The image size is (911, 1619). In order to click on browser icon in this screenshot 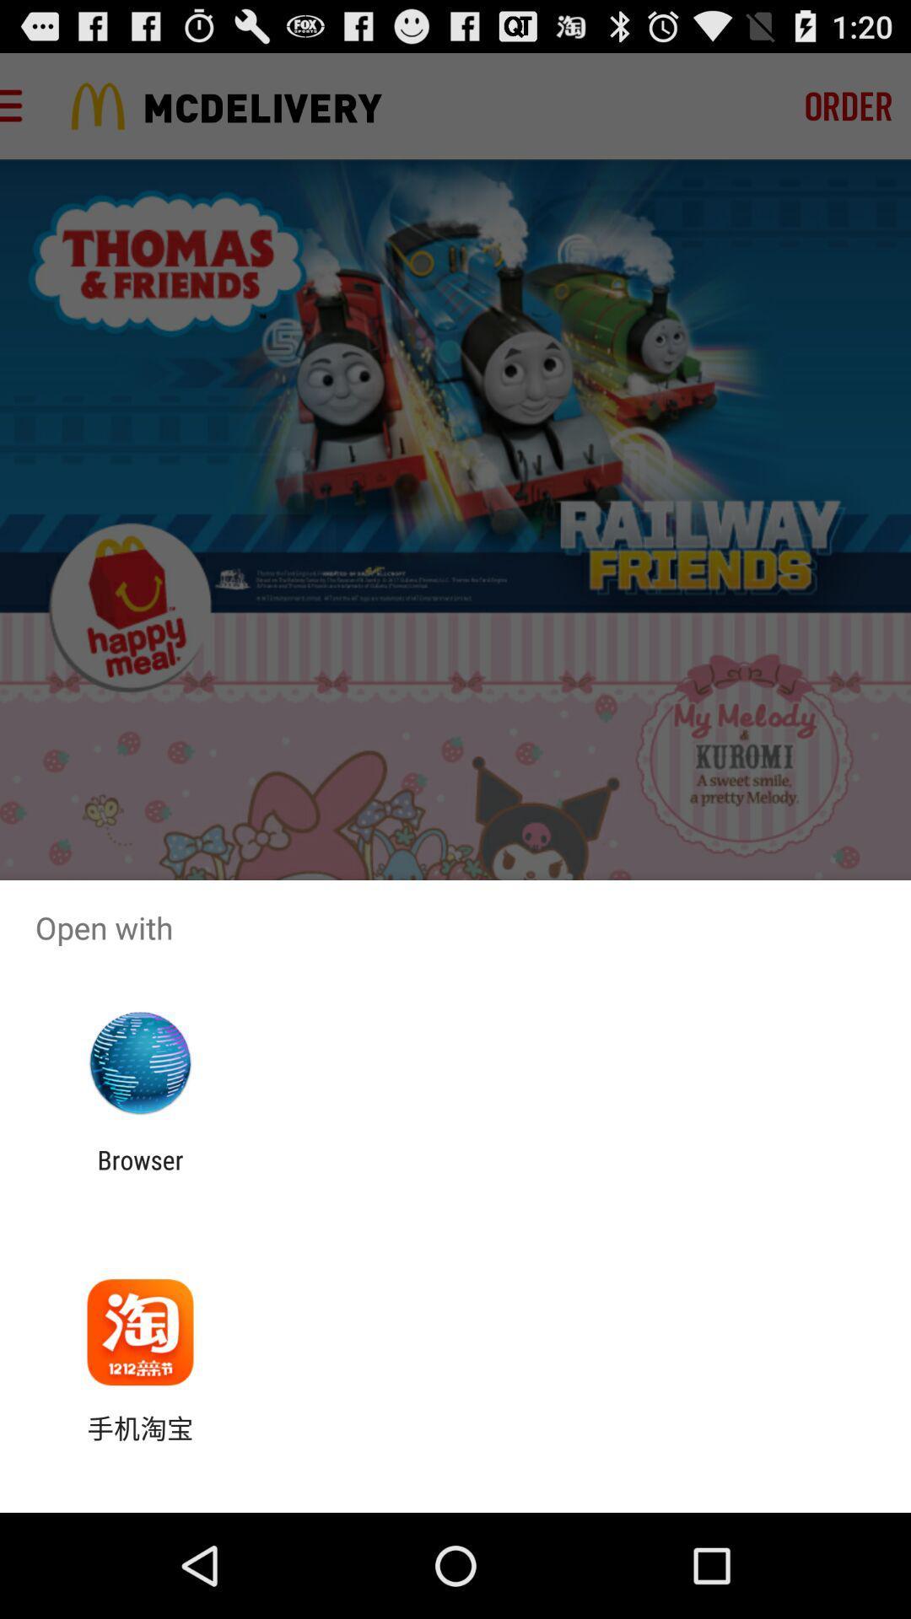, I will do `click(139, 1174)`.